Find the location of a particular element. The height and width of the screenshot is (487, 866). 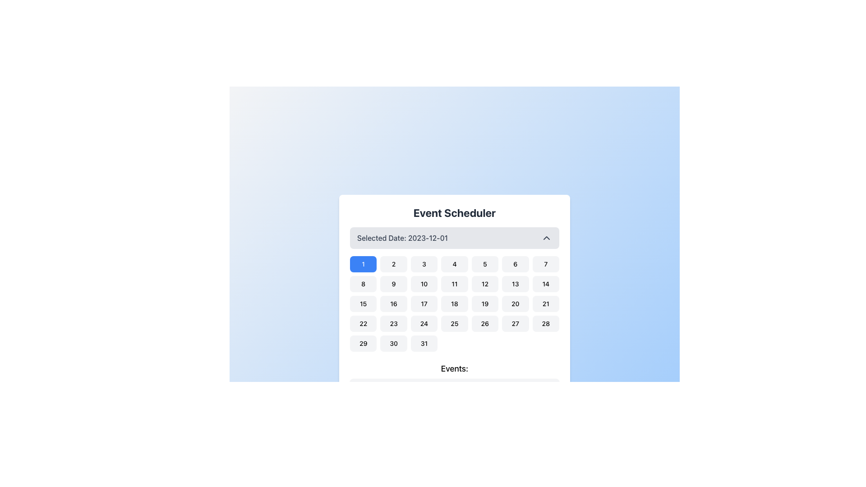

the button representing the 3rd of the month in the calendar interface is located at coordinates (424, 264).